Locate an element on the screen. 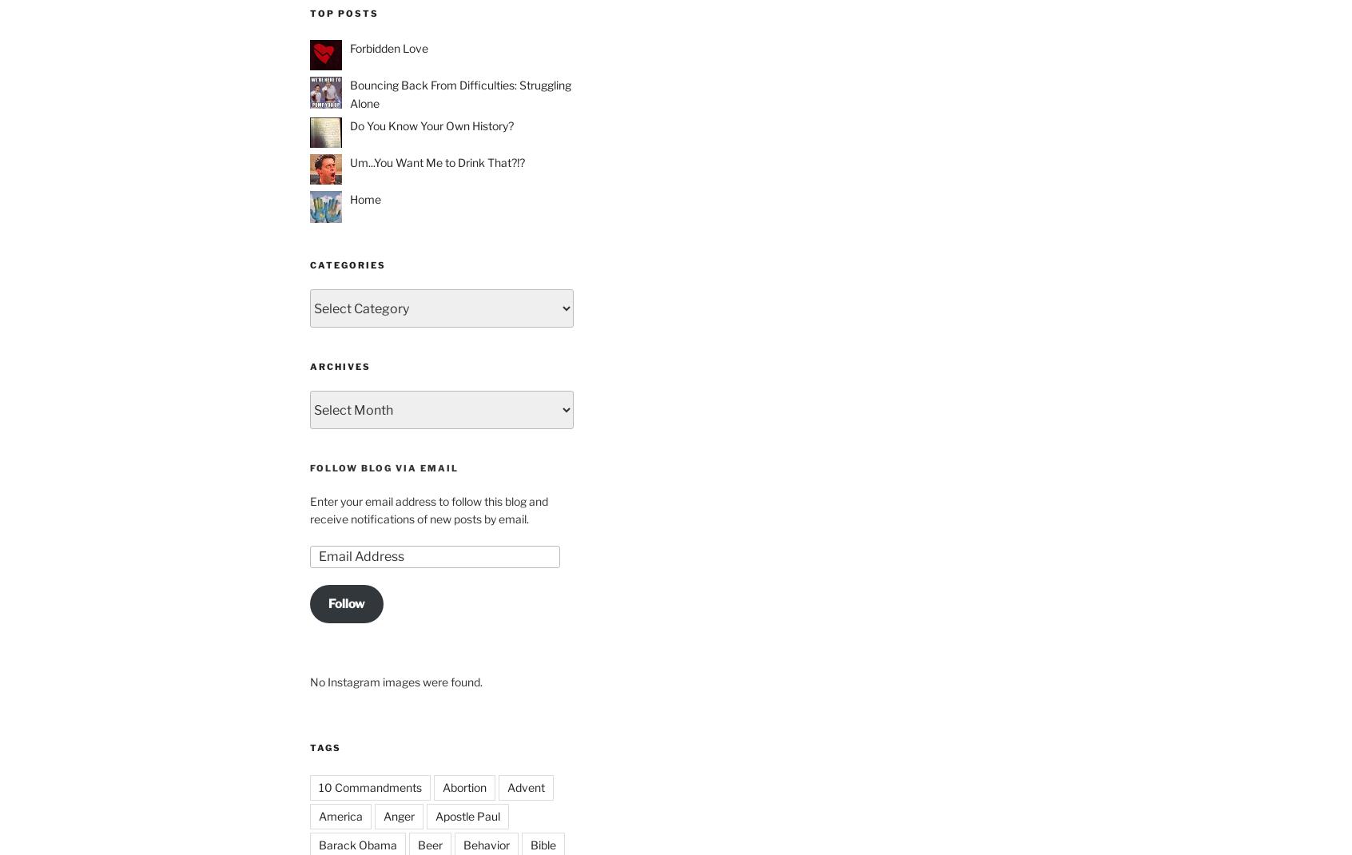 This screenshot has width=1352, height=855. 'Enter your email address to follow this blog and receive notifications of new posts by email.' is located at coordinates (429, 510).